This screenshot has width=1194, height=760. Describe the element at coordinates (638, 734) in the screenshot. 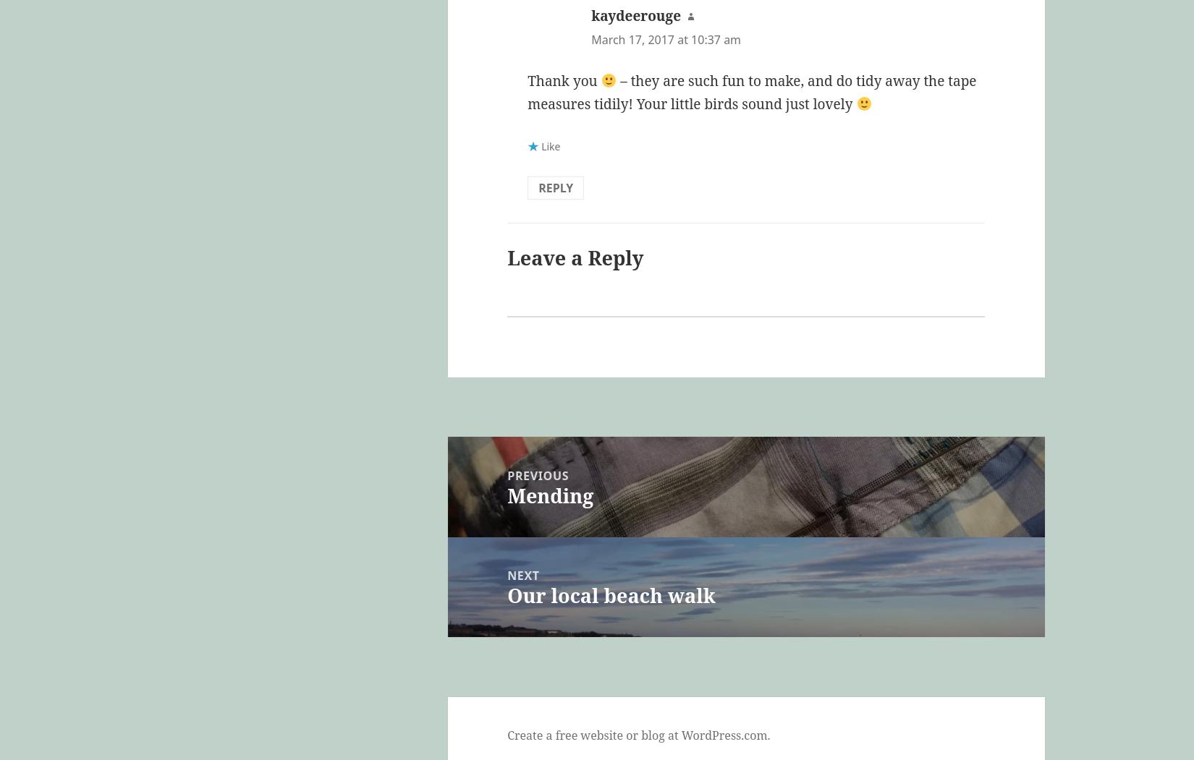

I see `'Create a free website or blog at WordPress.com.'` at that location.